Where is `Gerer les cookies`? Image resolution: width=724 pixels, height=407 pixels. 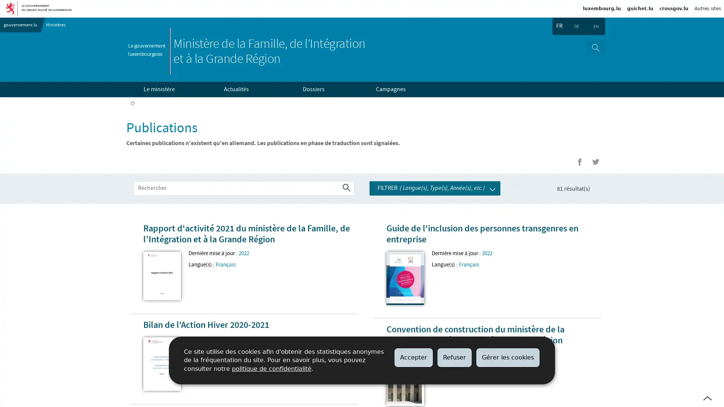
Gerer les cookies is located at coordinates (508, 357).